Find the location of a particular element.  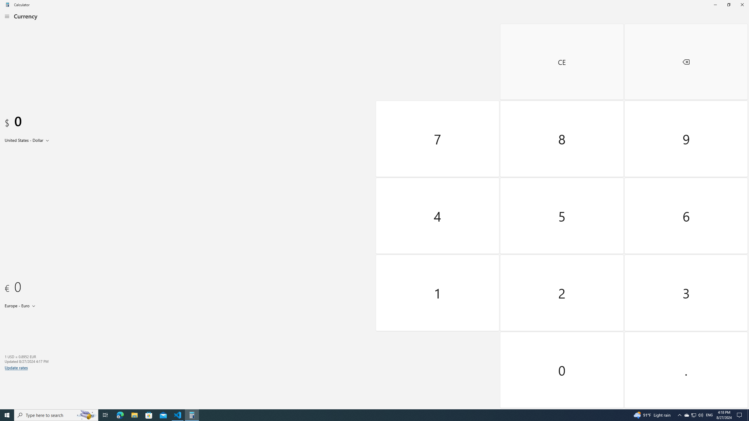

'Four' is located at coordinates (438, 215).